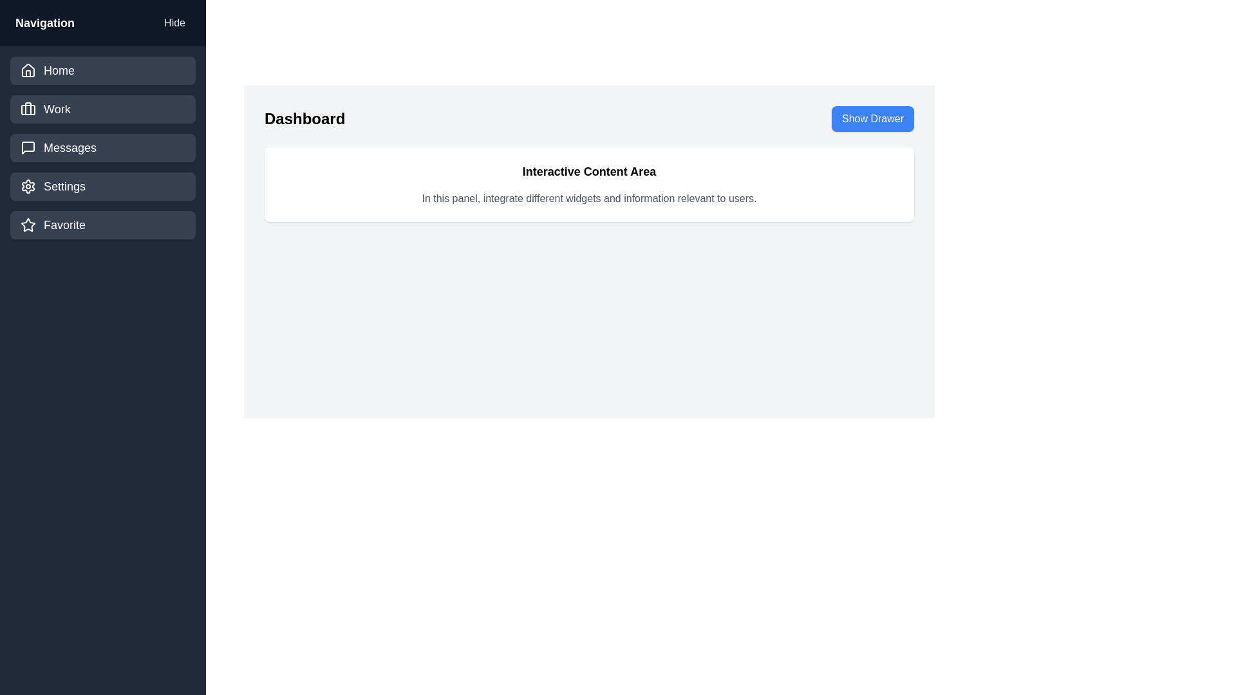  What do you see at coordinates (102, 186) in the screenshot?
I see `the navigation item labeled Settings` at bounding box center [102, 186].